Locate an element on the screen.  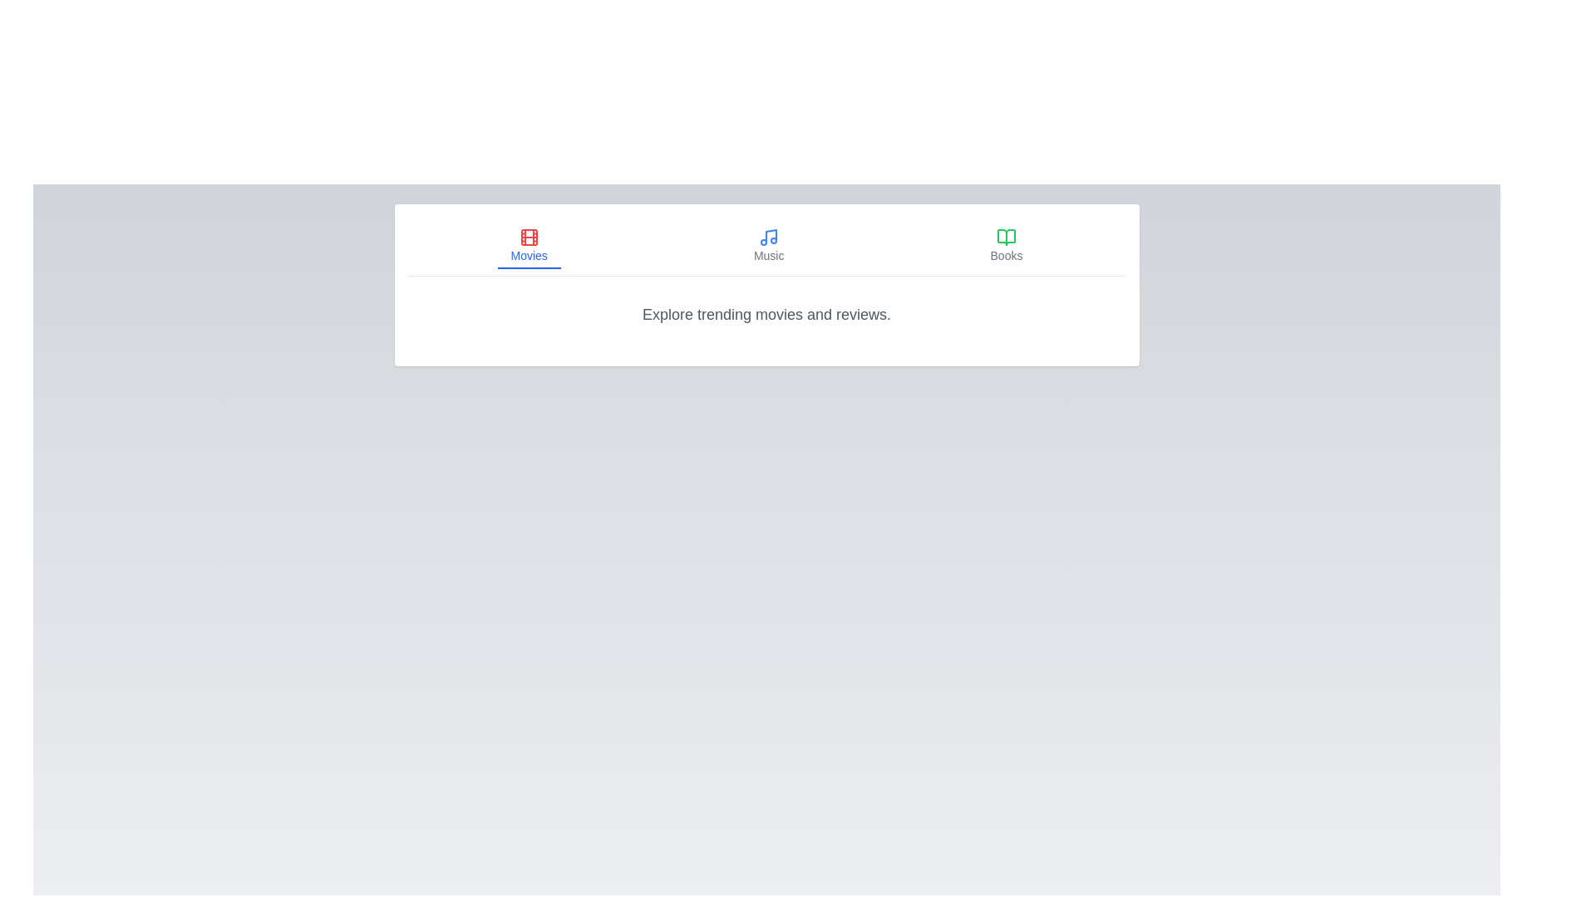
the tab labeled Music to view its content is located at coordinates (768, 247).